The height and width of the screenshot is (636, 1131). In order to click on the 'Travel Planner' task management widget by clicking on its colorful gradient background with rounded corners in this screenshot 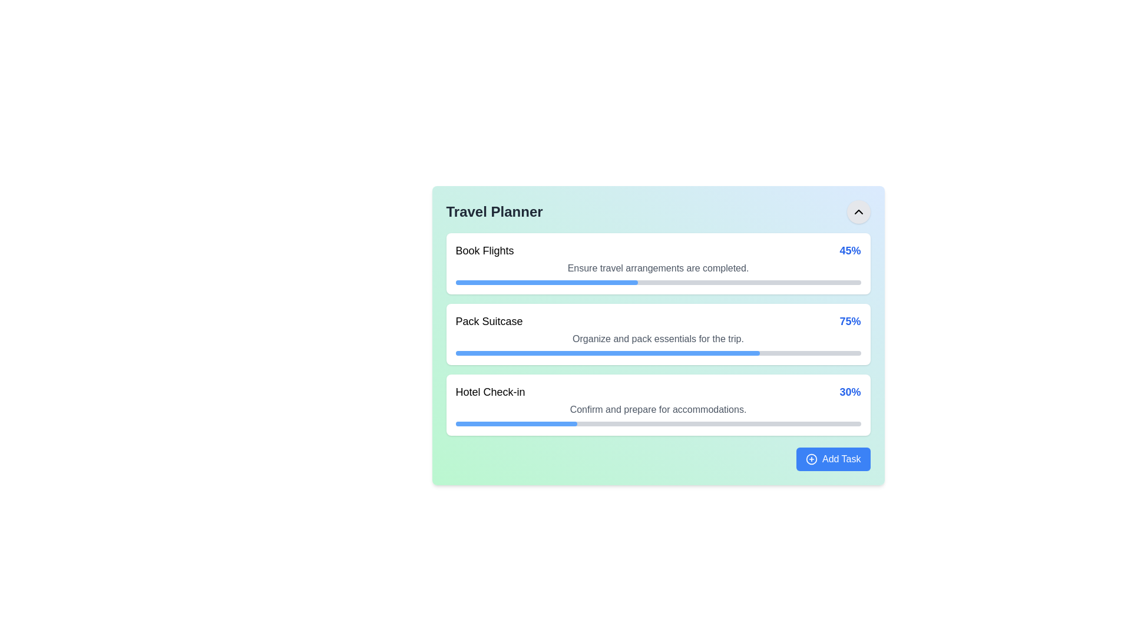, I will do `click(657, 336)`.